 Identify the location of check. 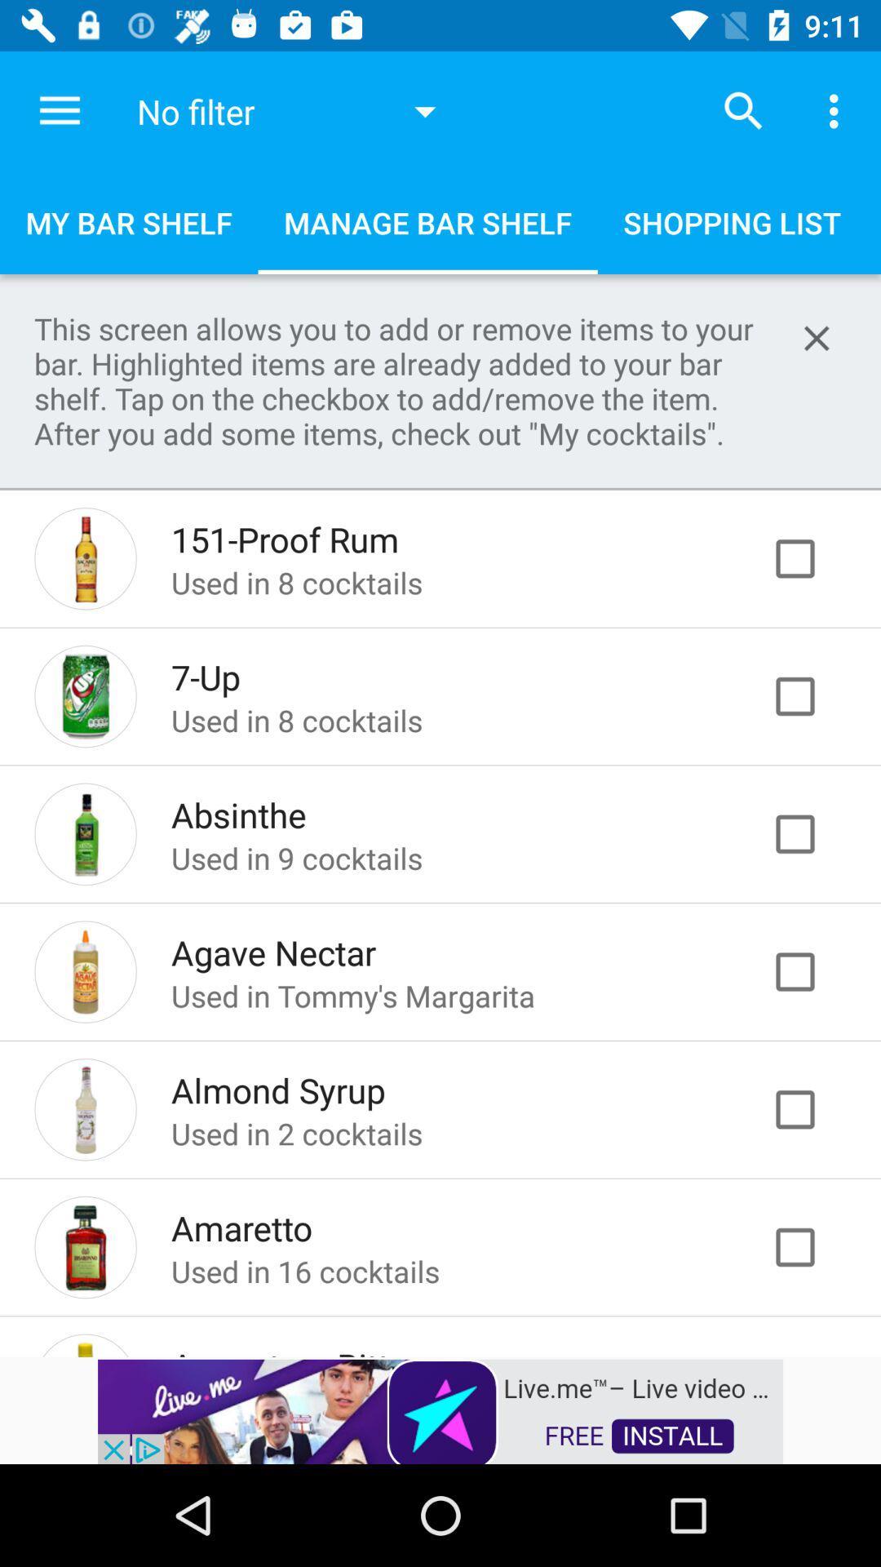
(812, 1246).